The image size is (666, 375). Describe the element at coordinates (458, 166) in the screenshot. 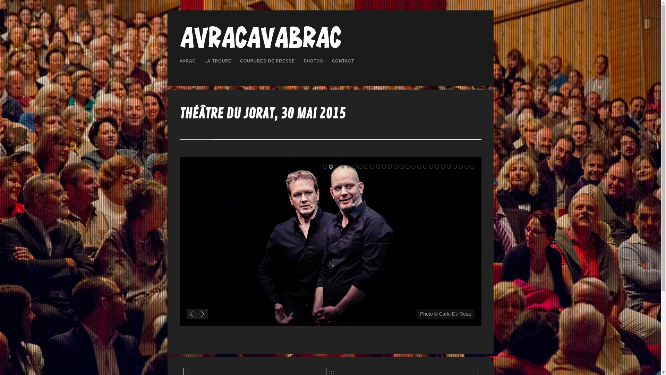

I see `'24'` at that location.